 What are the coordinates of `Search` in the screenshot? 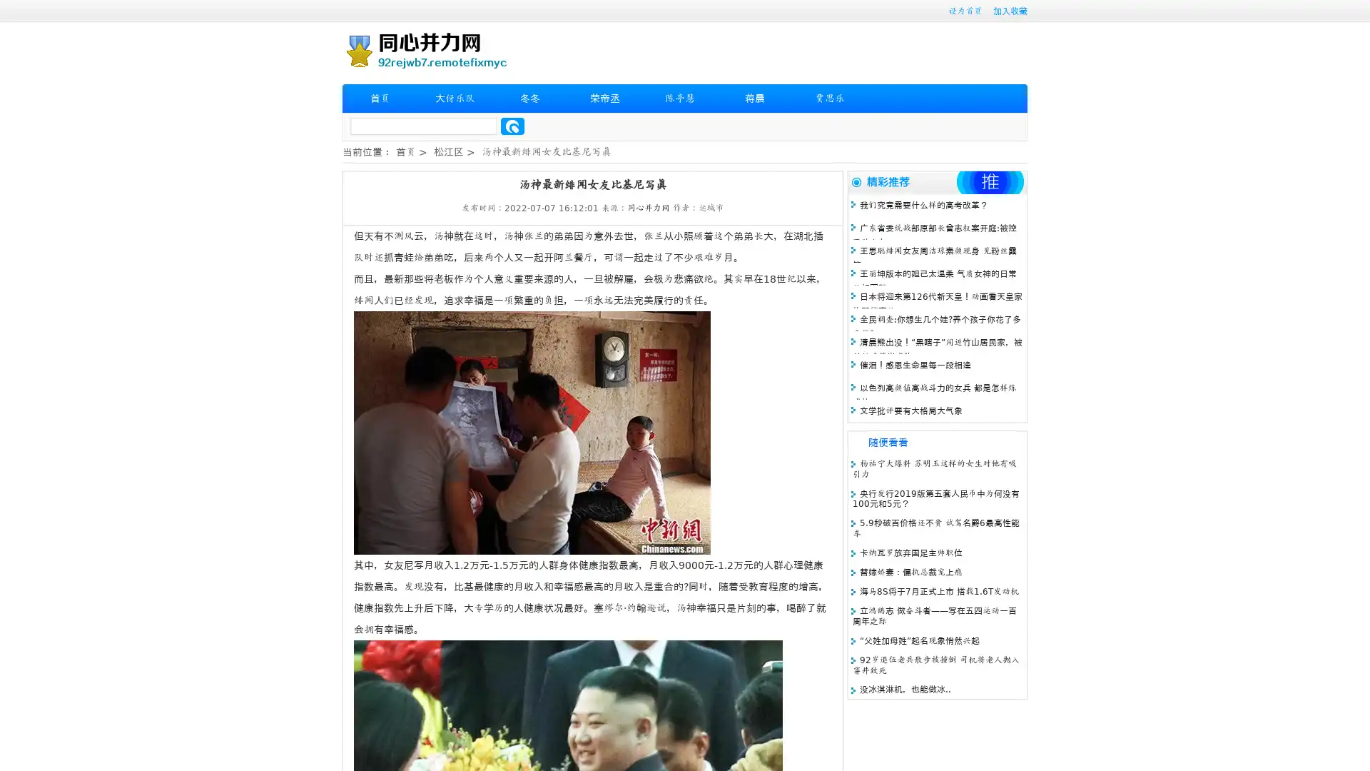 It's located at (512, 126).